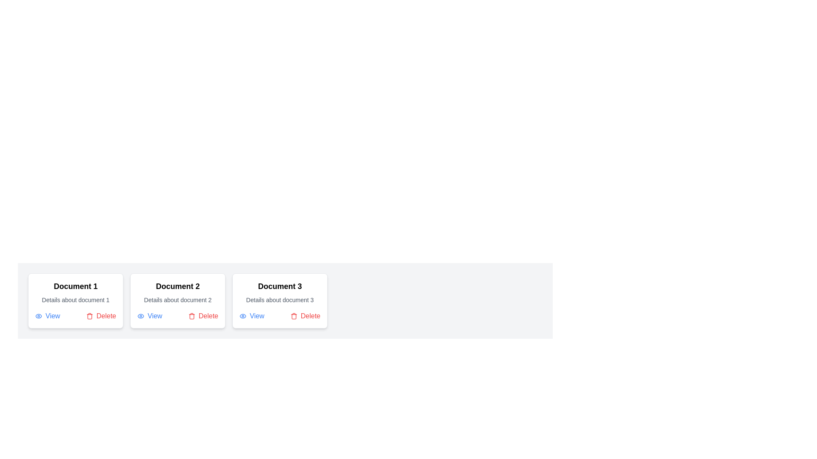 This screenshot has width=817, height=459. Describe the element at coordinates (203, 316) in the screenshot. I see `the red 'Delete' button with a trash bin icon located in the button group of the 'Document 2' card` at that location.